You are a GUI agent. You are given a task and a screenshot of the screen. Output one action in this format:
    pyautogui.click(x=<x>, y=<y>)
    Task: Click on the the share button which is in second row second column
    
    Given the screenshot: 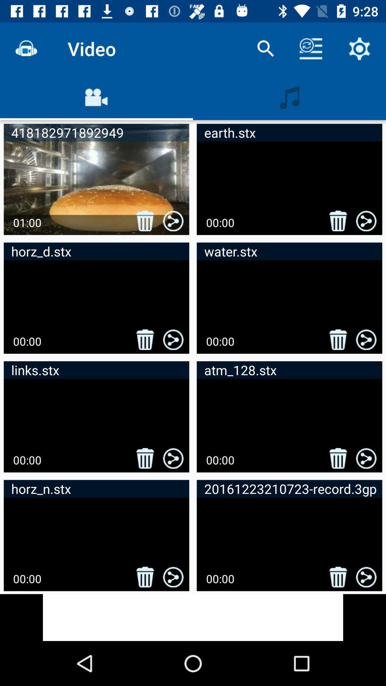 What is the action you would take?
    pyautogui.click(x=366, y=339)
    